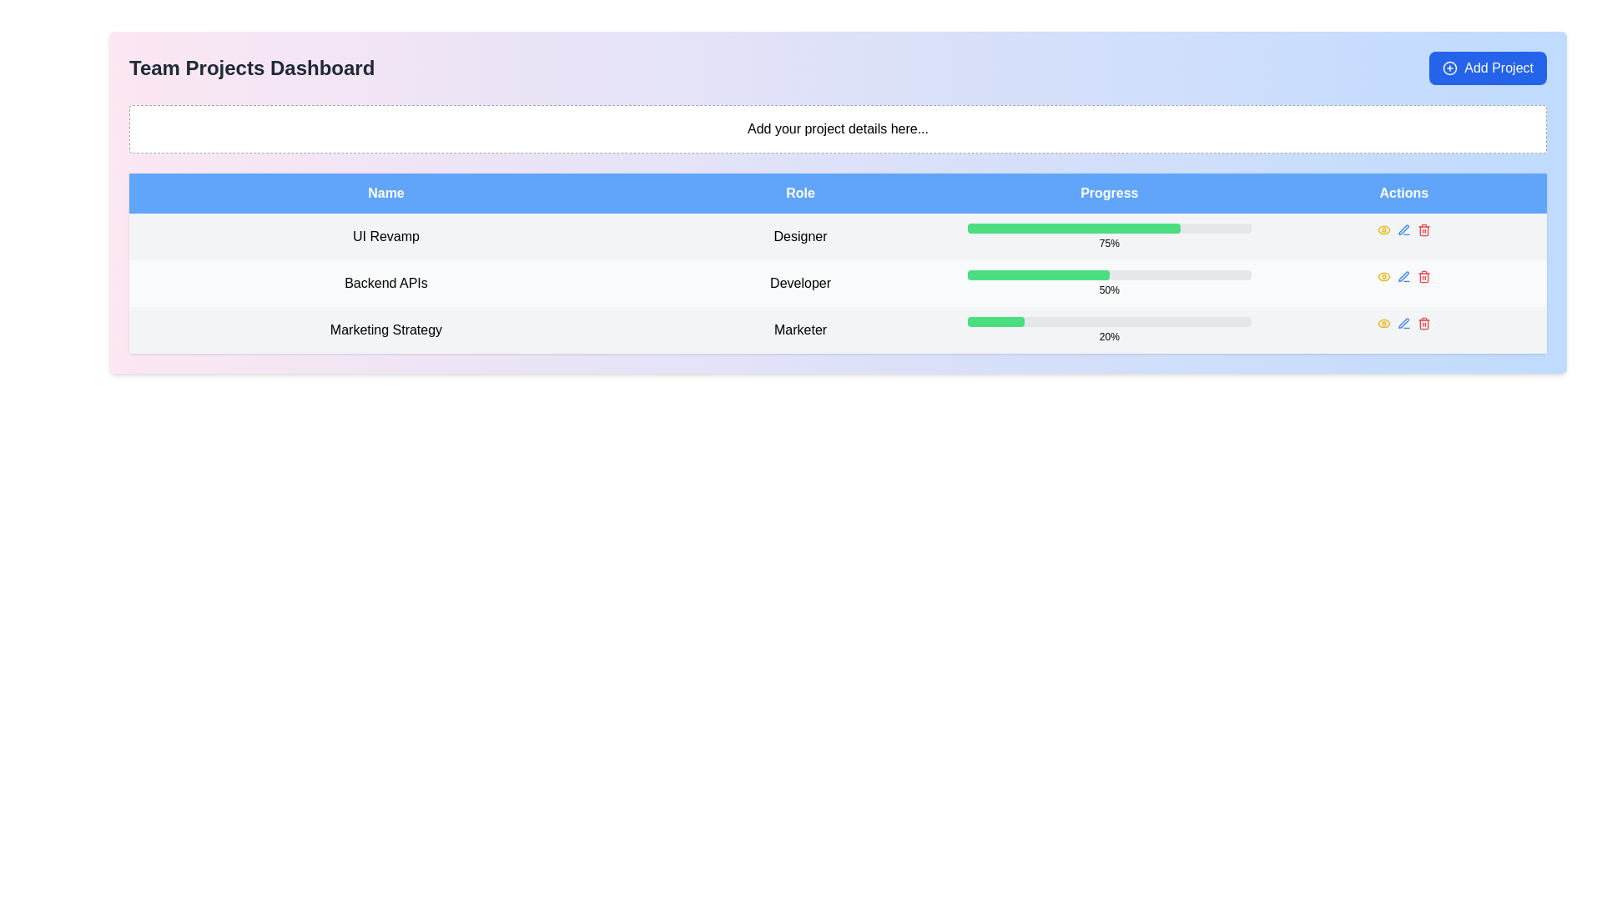 The height and width of the screenshot is (901, 1602). I want to click on the static text label indicating the role associated with the 'UI Revamp' entry in the second cell under the 'Role' column, so click(799, 237).